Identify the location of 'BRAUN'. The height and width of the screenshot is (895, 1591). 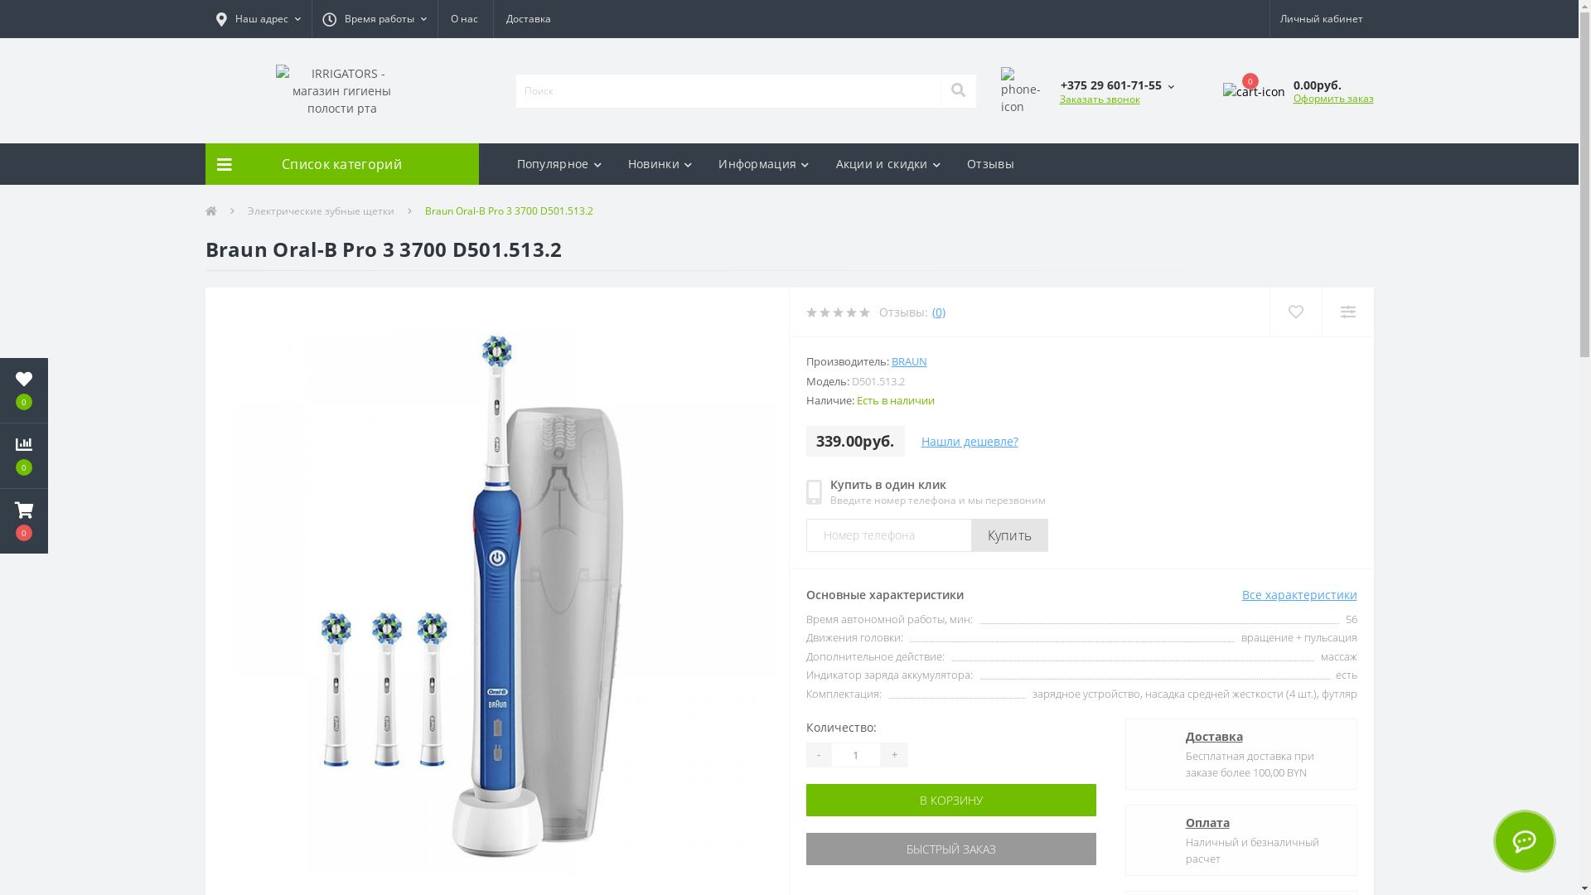
(908, 360).